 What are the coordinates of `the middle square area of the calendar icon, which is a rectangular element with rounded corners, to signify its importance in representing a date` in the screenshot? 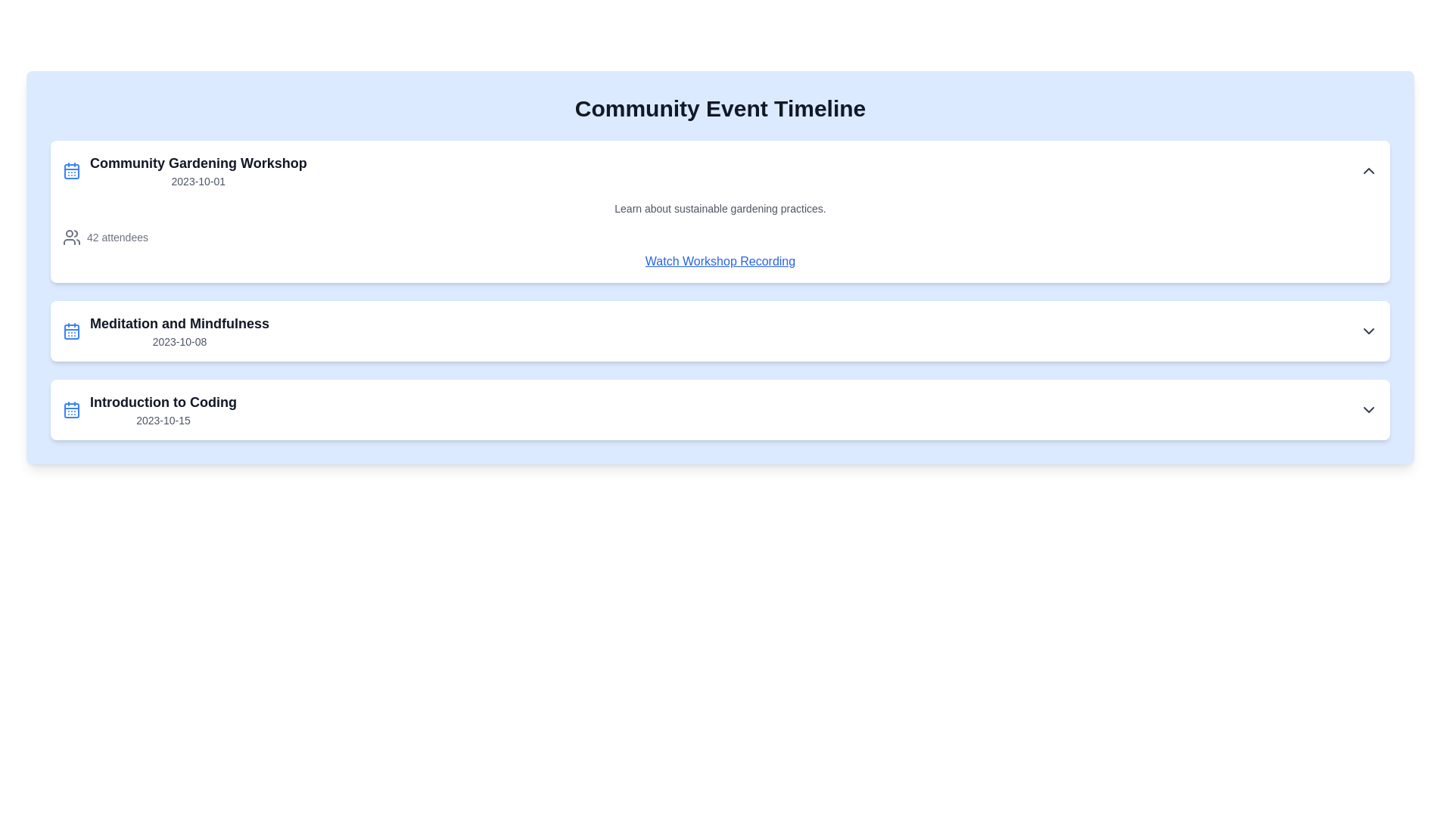 It's located at (71, 411).